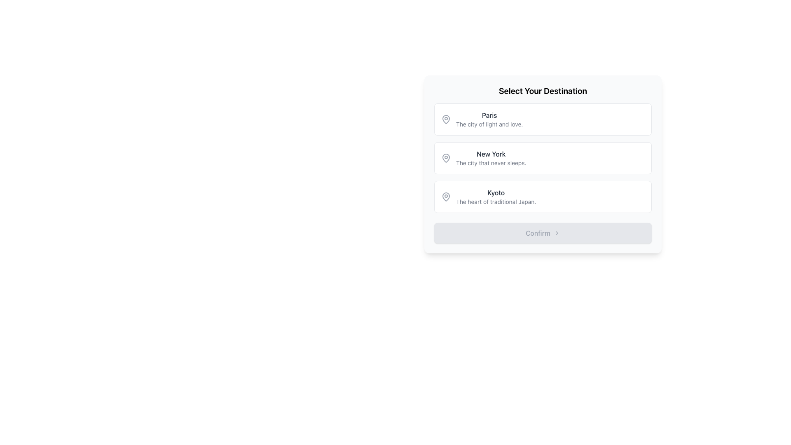 The width and height of the screenshot is (791, 445). What do you see at coordinates (446, 197) in the screenshot?
I see `the decorative icon located to the left of the text 'Kyoto' in the destination selection UI, which is the third option in the list titled 'Select Your Destination'` at bounding box center [446, 197].